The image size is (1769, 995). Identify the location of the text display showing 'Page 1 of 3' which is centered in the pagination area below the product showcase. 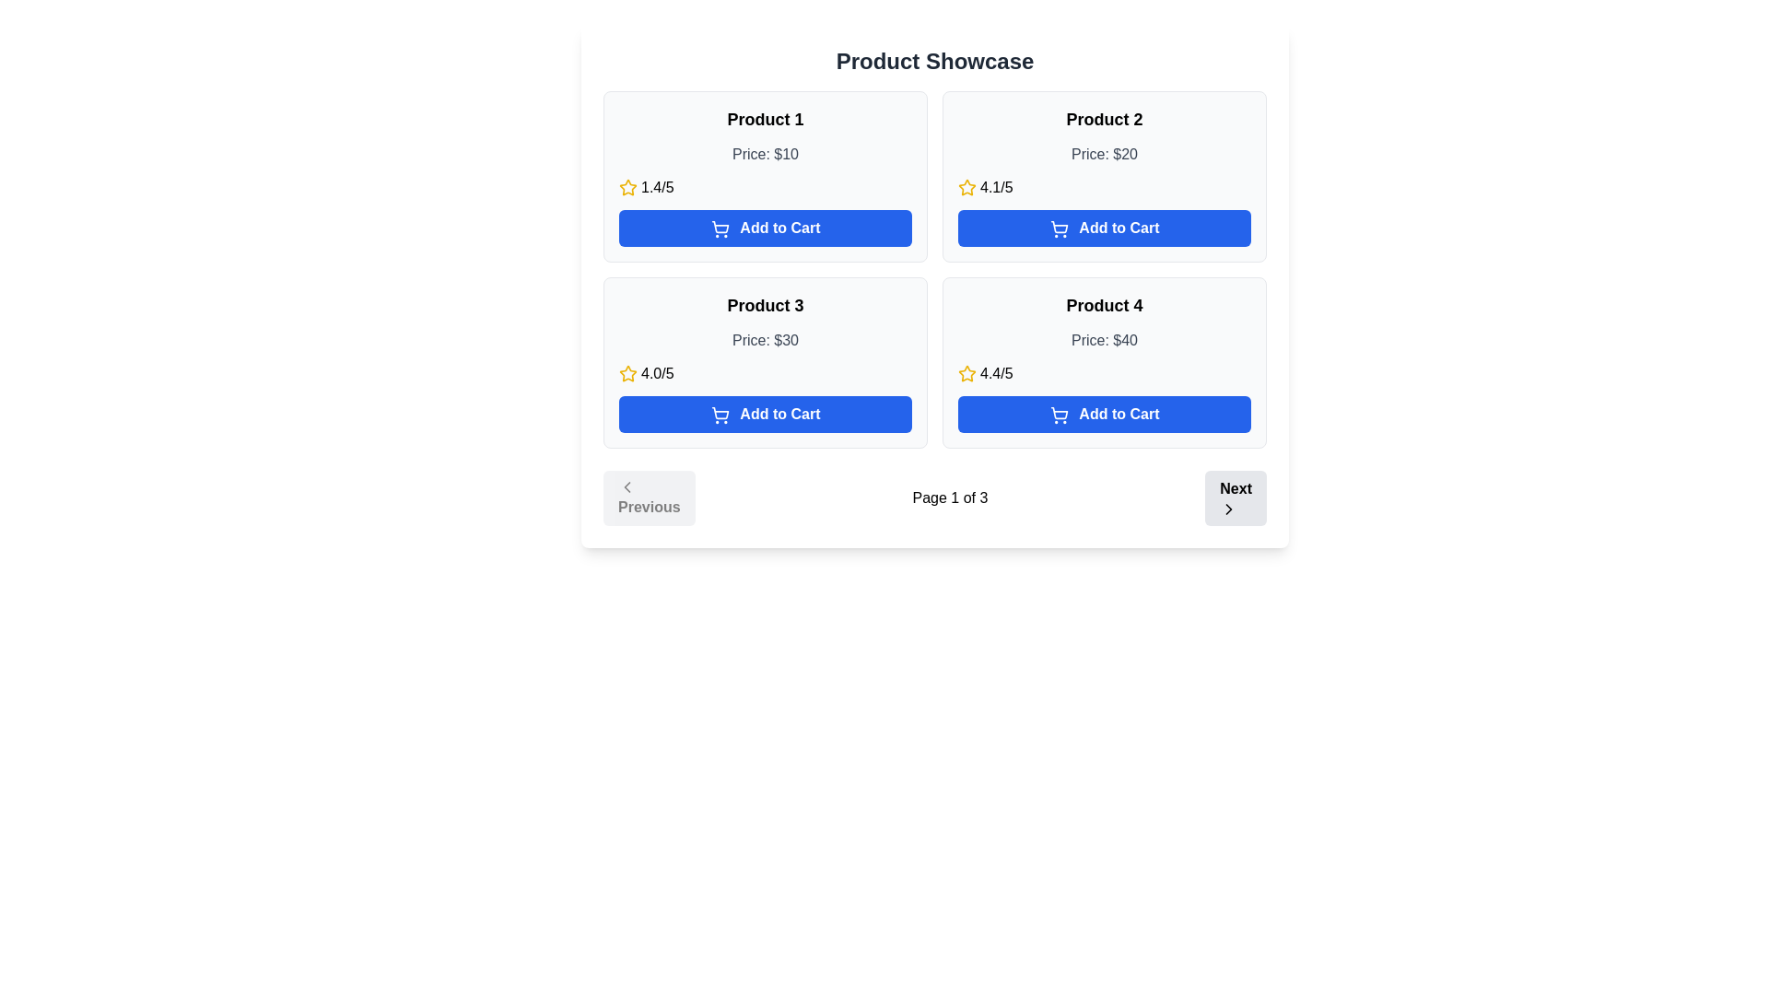
(950, 497).